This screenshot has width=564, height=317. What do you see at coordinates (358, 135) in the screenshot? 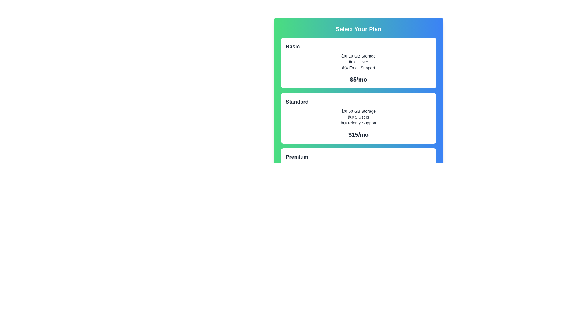
I see `pricing information displayed in the text label indicating the cost of $15 per month for the 'Standard' plan located at the bottom-right side of the pricing selection interface` at bounding box center [358, 135].